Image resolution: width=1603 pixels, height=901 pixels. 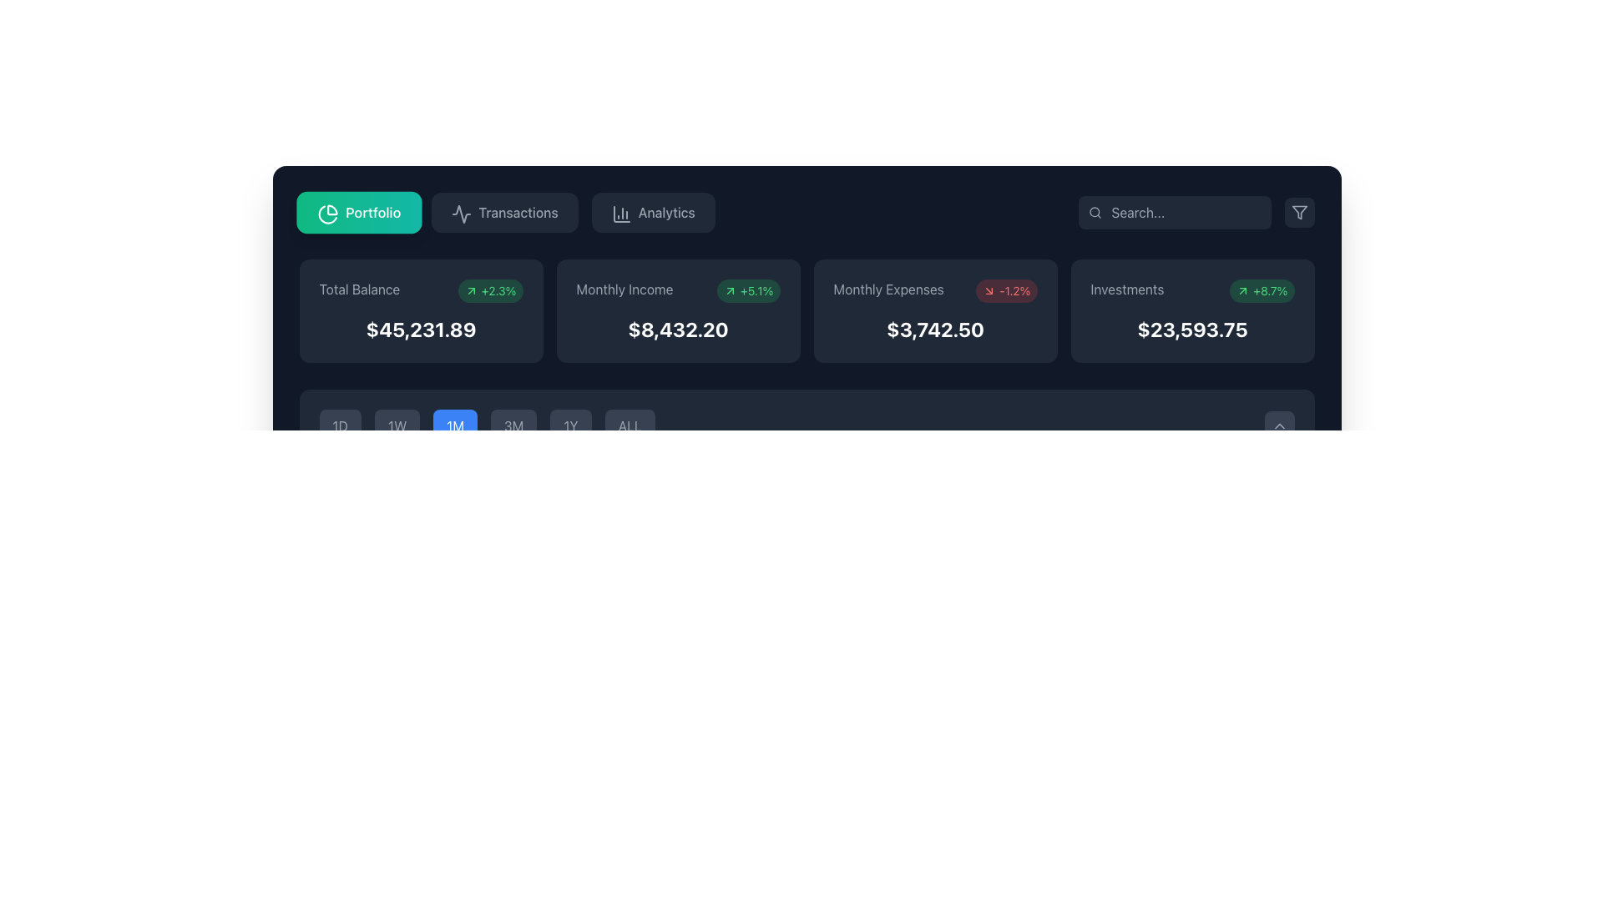 I want to click on the static text display that presents the monthly income value, which is located centrally within the card under the title 'Monthly Income' and the percentage indicator '+5.1%', so click(x=678, y=329).